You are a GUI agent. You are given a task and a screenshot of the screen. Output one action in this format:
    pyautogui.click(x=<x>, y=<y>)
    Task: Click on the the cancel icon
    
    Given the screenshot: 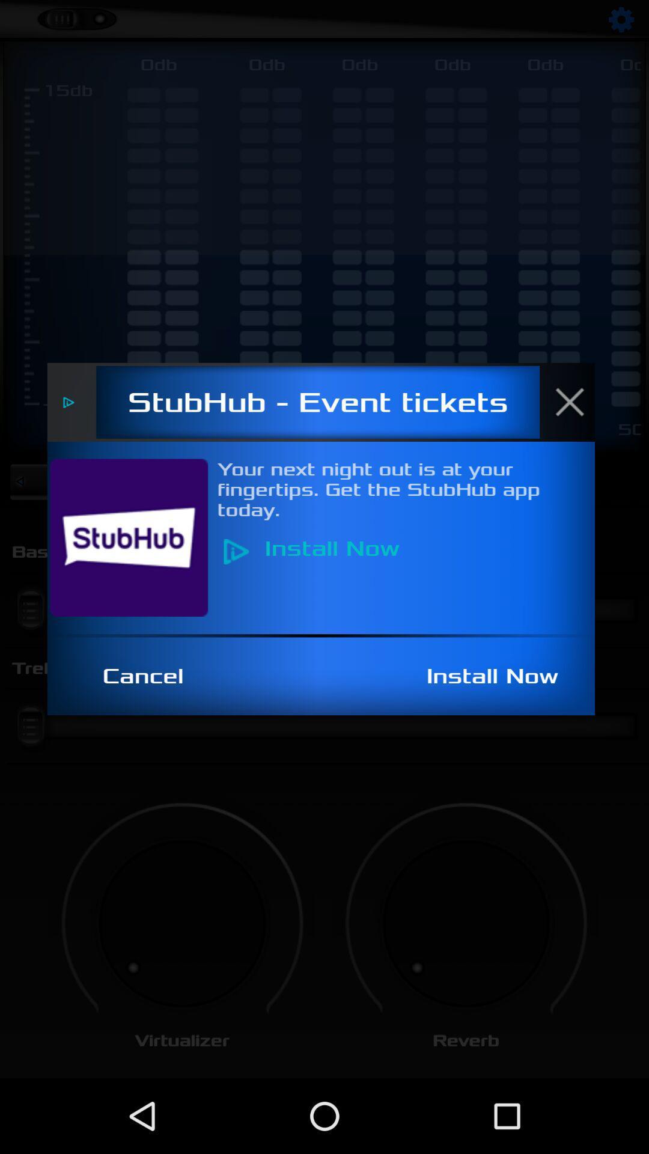 What is the action you would take?
    pyautogui.click(x=149, y=676)
    